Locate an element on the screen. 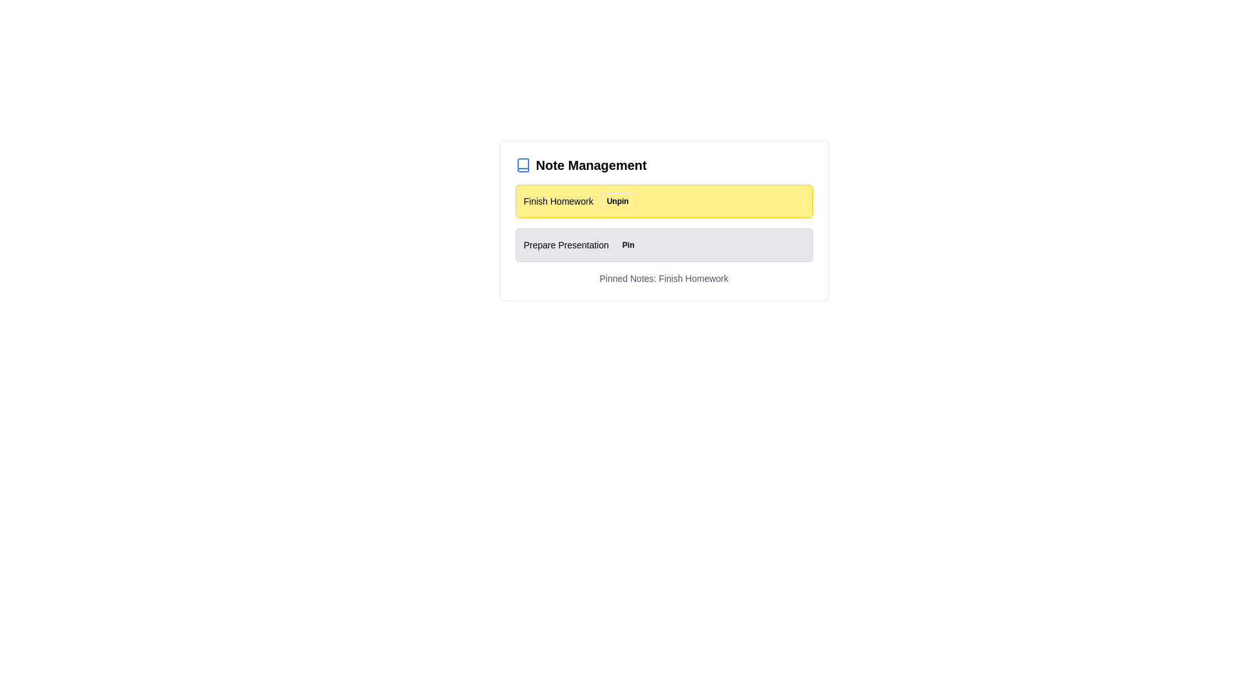 This screenshot has height=695, width=1236. the note labeled 'Prepare Presentation' to observe visual feedback is located at coordinates (566, 245).